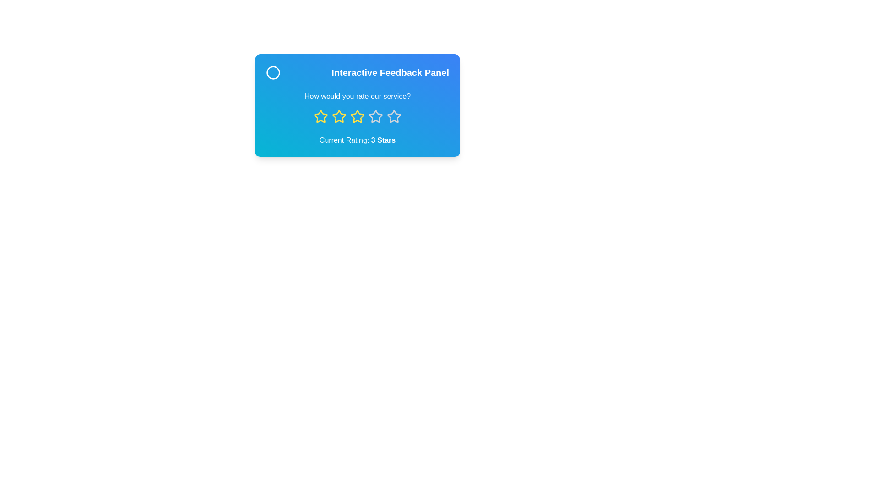 Image resolution: width=879 pixels, height=494 pixels. Describe the element at coordinates (394, 116) in the screenshot. I see `the fourth star in the Interactive Feedback Panel to rate it` at that location.